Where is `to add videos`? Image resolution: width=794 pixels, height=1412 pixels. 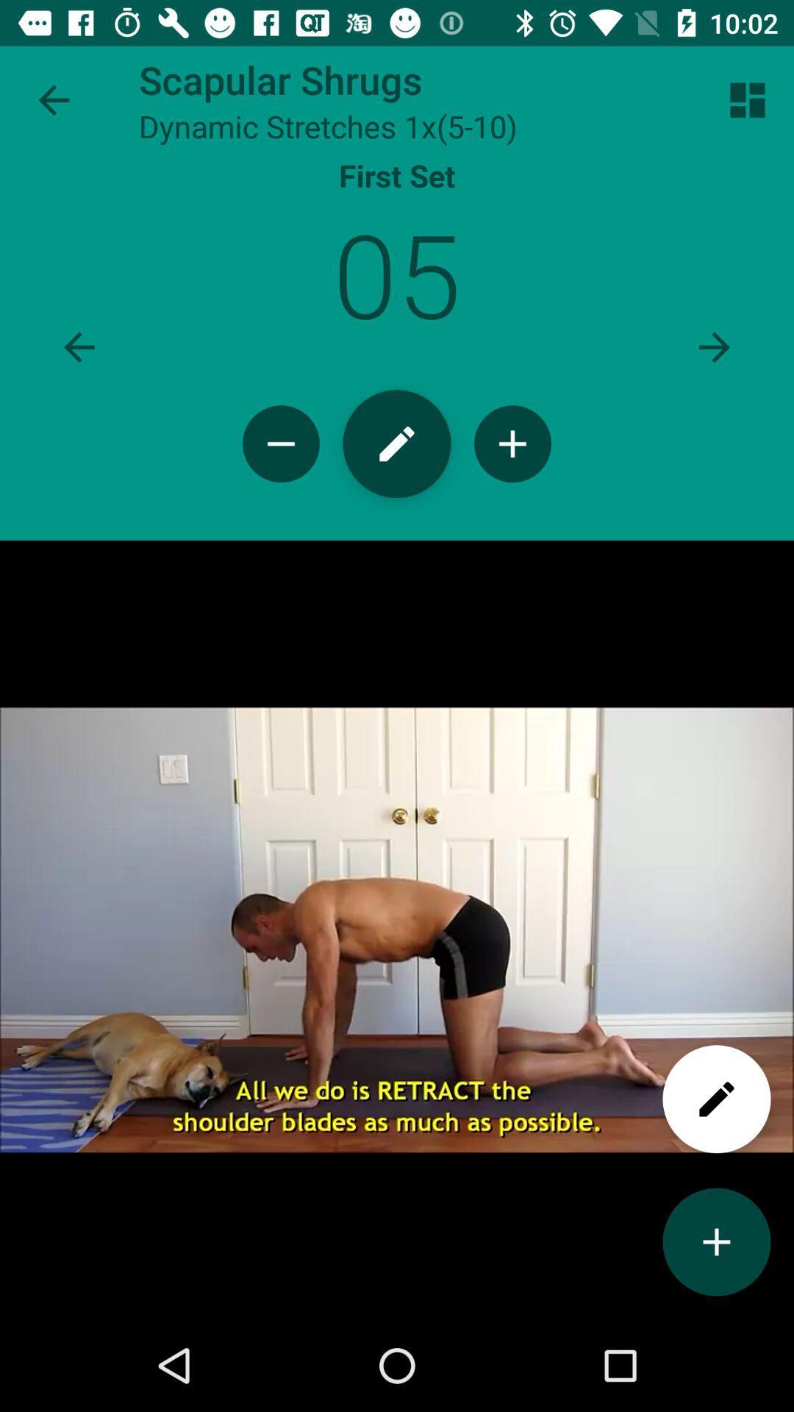
to add videos is located at coordinates (716, 1241).